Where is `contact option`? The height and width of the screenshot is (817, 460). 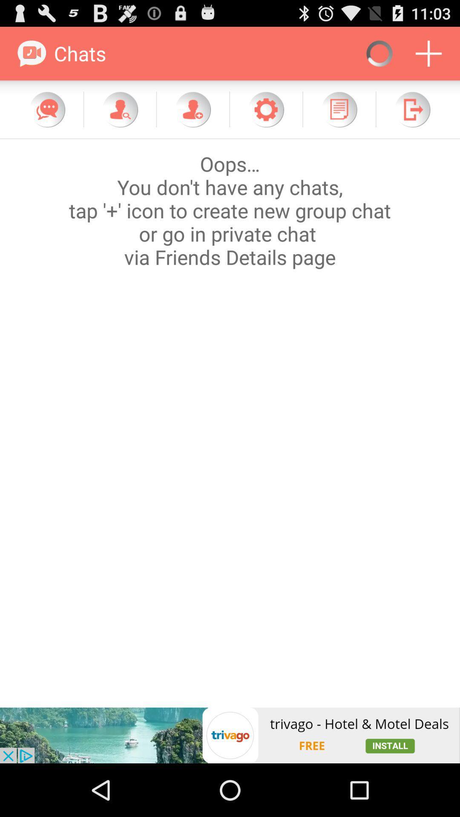 contact option is located at coordinates (120, 109).